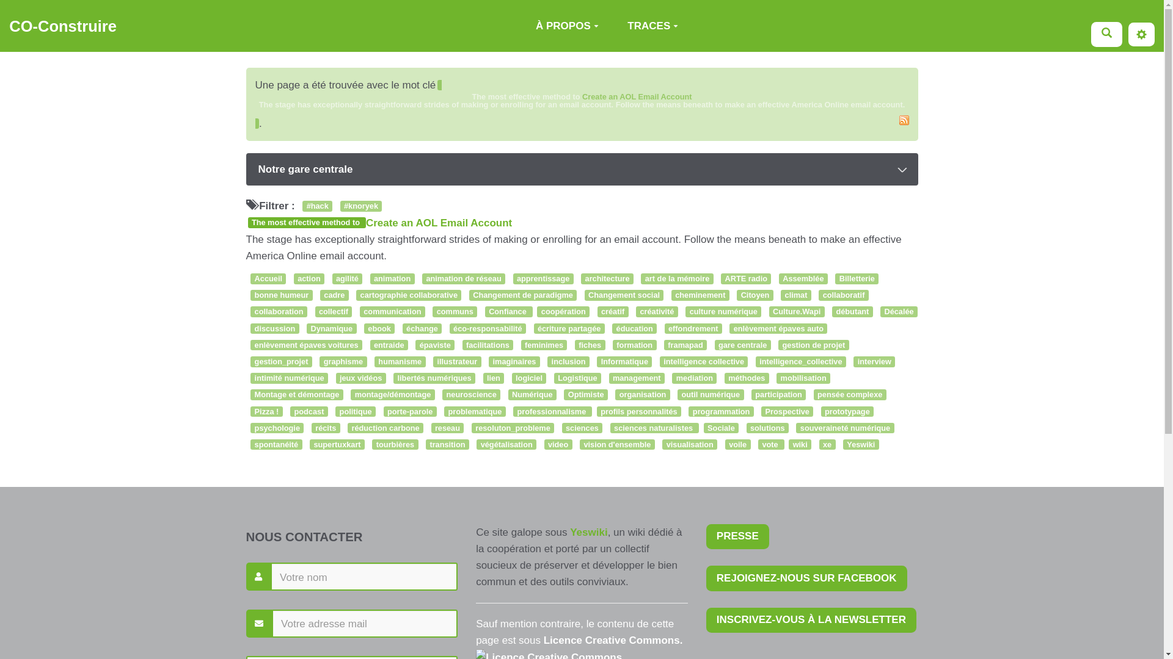  What do you see at coordinates (378, 328) in the screenshot?
I see `'ebook'` at bounding box center [378, 328].